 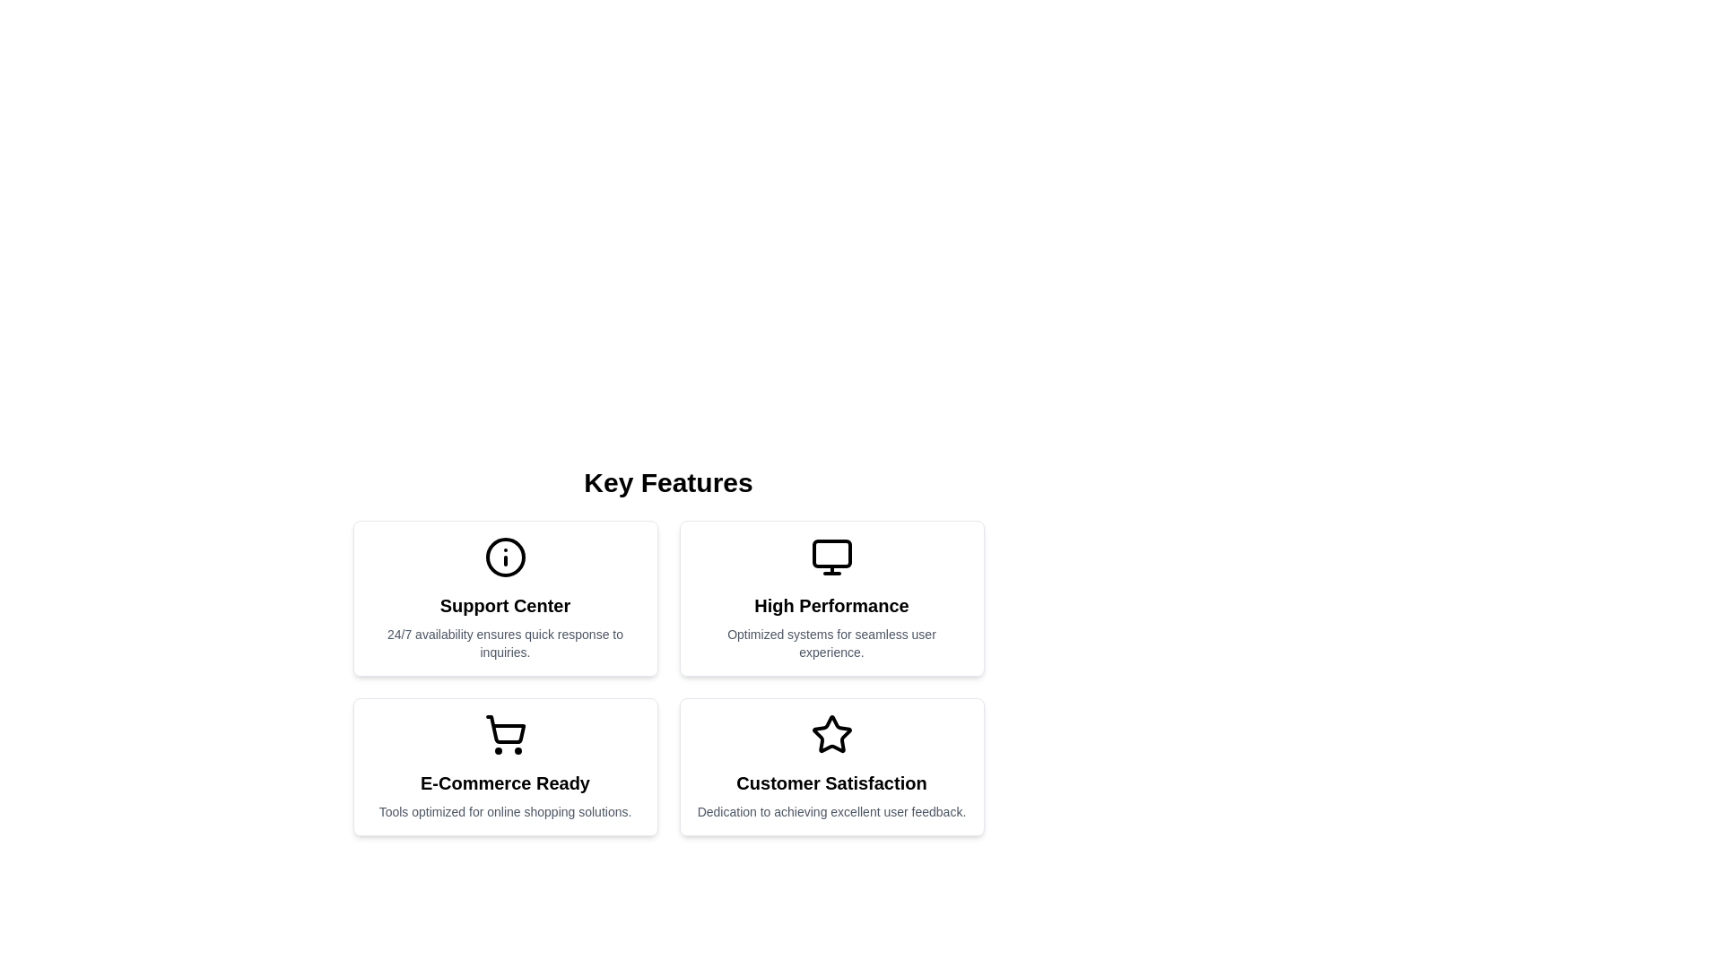 I want to click on the star icon representing 'Customer Satisfaction' located at the bottom-right of the 'Key Features' section, so click(x=831, y=734).